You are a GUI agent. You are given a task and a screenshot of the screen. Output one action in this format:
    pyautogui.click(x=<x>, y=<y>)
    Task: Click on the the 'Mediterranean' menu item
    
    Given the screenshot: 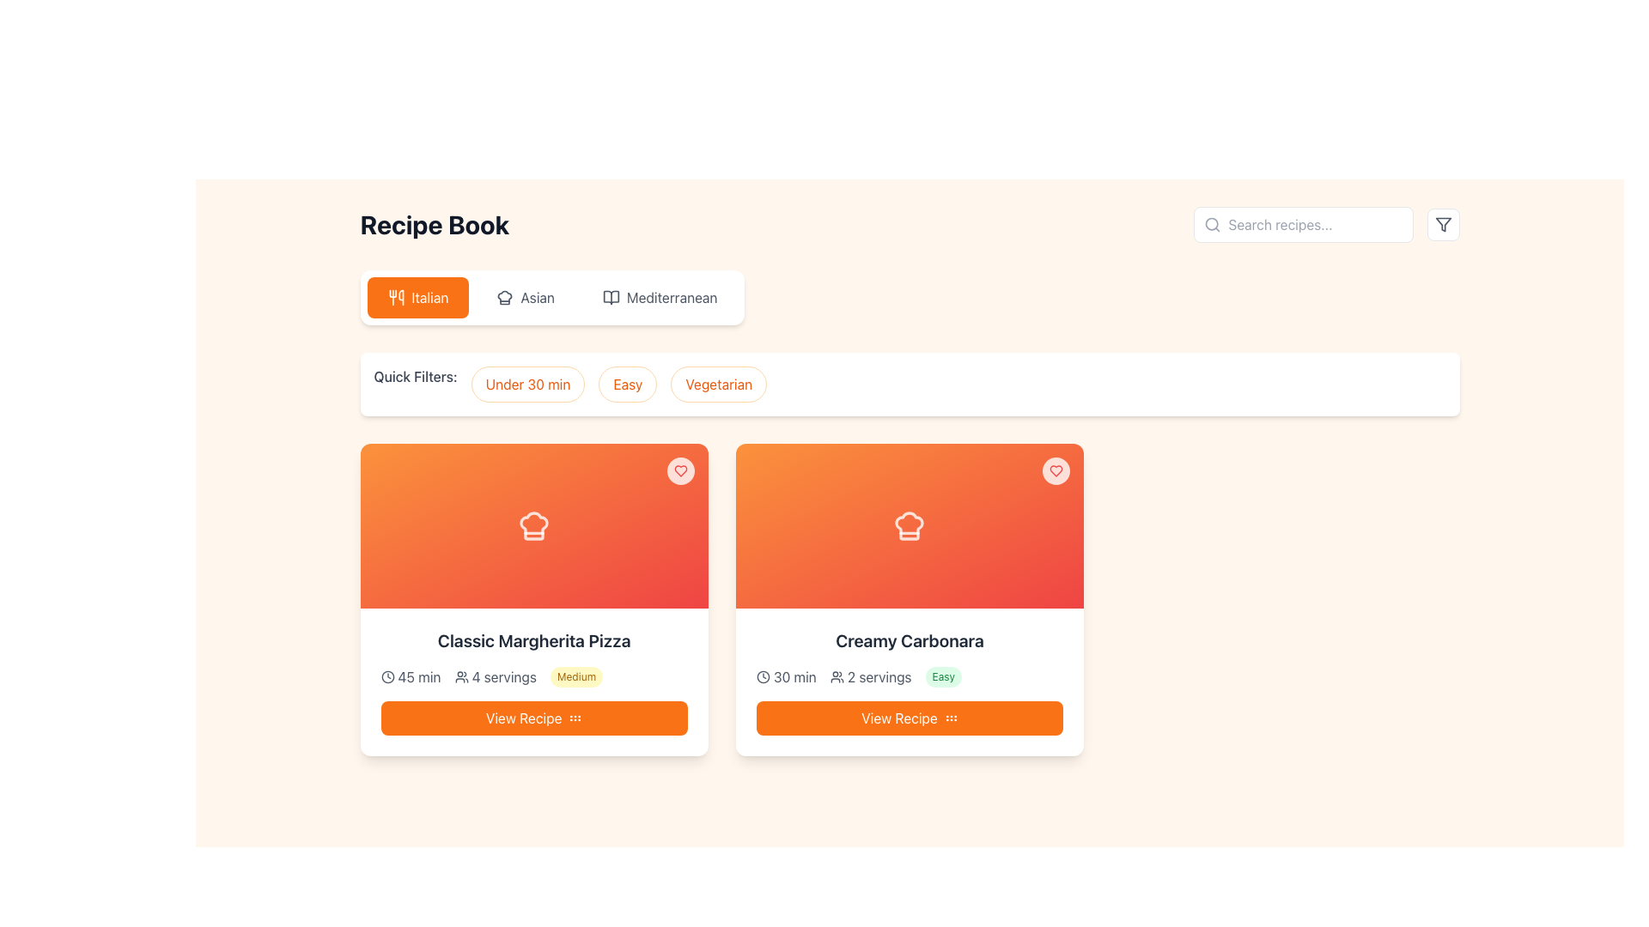 What is the action you would take?
    pyautogui.click(x=671, y=297)
    